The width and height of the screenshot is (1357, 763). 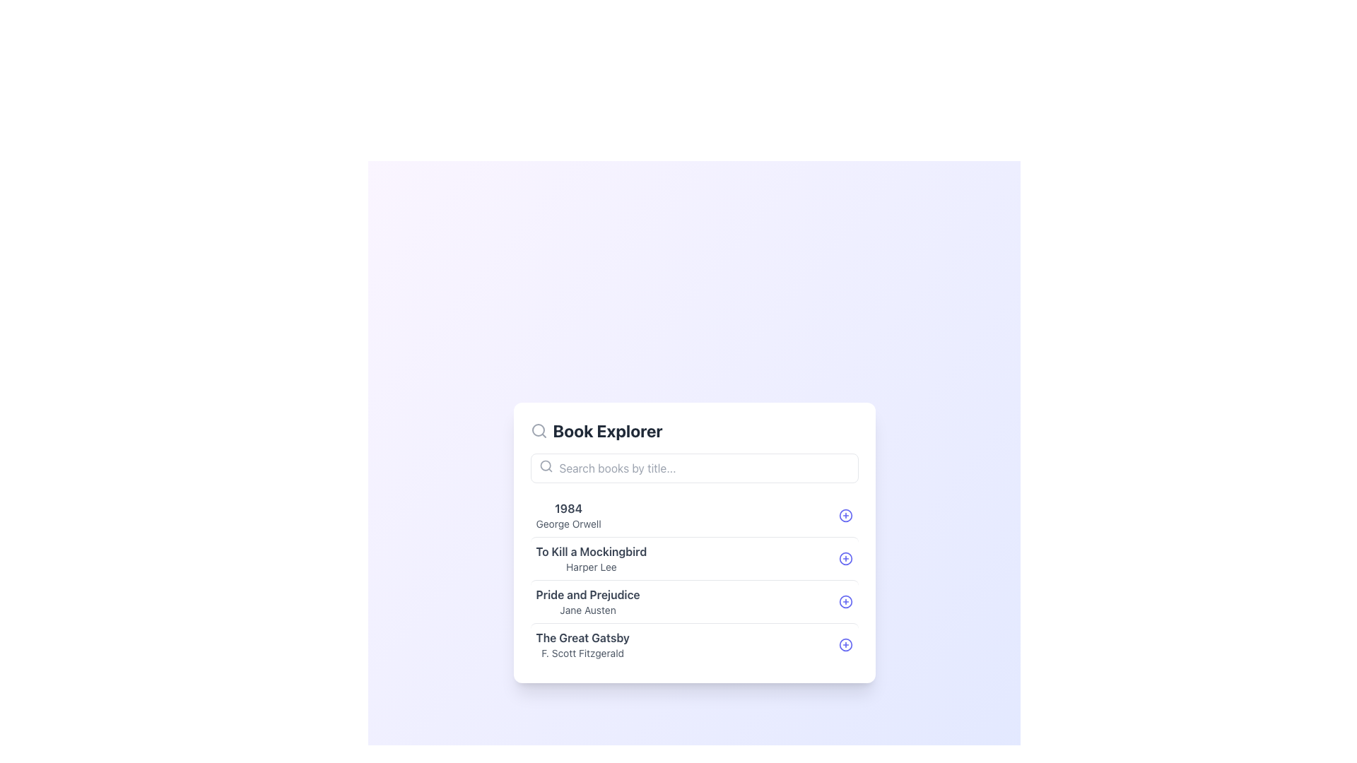 What do you see at coordinates (582, 644) in the screenshot?
I see `the fourth entry in the book listing titled 'Book Explorer', which displays the title and author of a book, located below 'Pride and Prejudice' and above the '+' icon` at bounding box center [582, 644].